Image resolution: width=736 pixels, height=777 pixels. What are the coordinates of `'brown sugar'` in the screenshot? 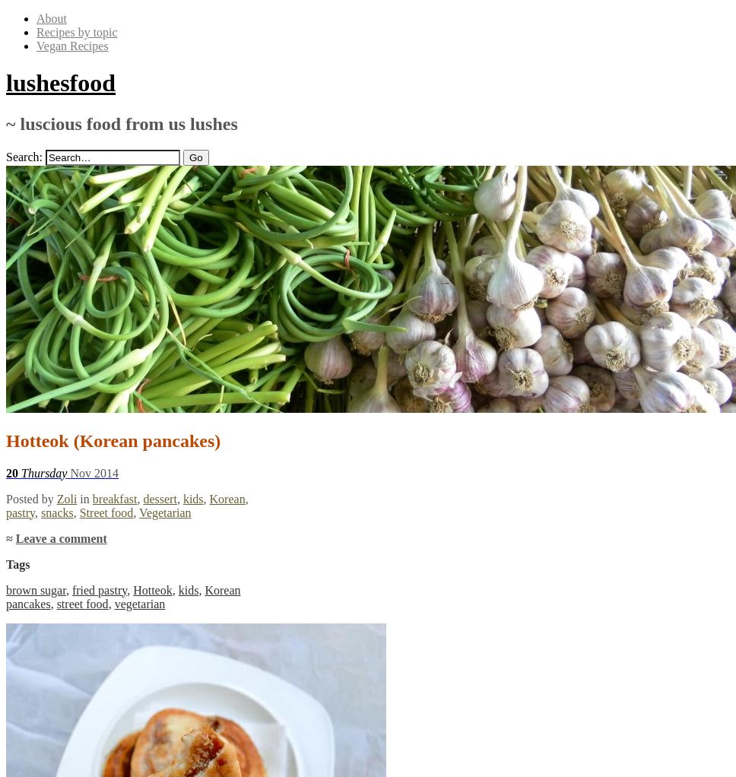 It's located at (35, 589).